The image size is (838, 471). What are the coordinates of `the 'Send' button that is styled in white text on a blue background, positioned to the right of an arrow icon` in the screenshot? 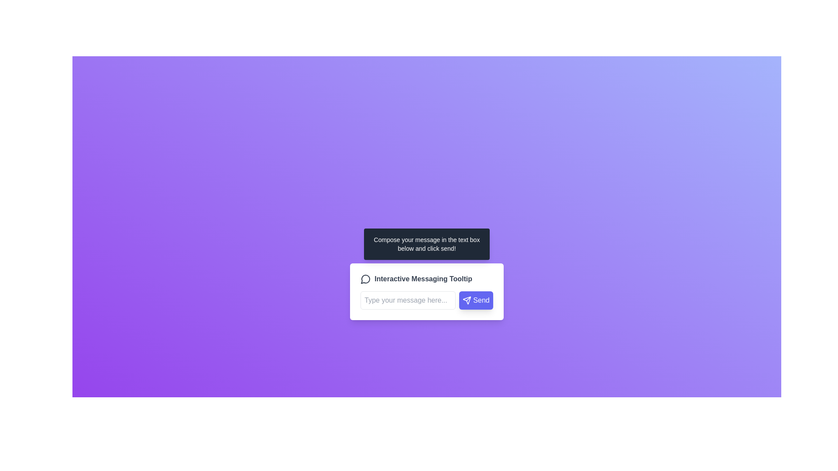 It's located at (481, 300).